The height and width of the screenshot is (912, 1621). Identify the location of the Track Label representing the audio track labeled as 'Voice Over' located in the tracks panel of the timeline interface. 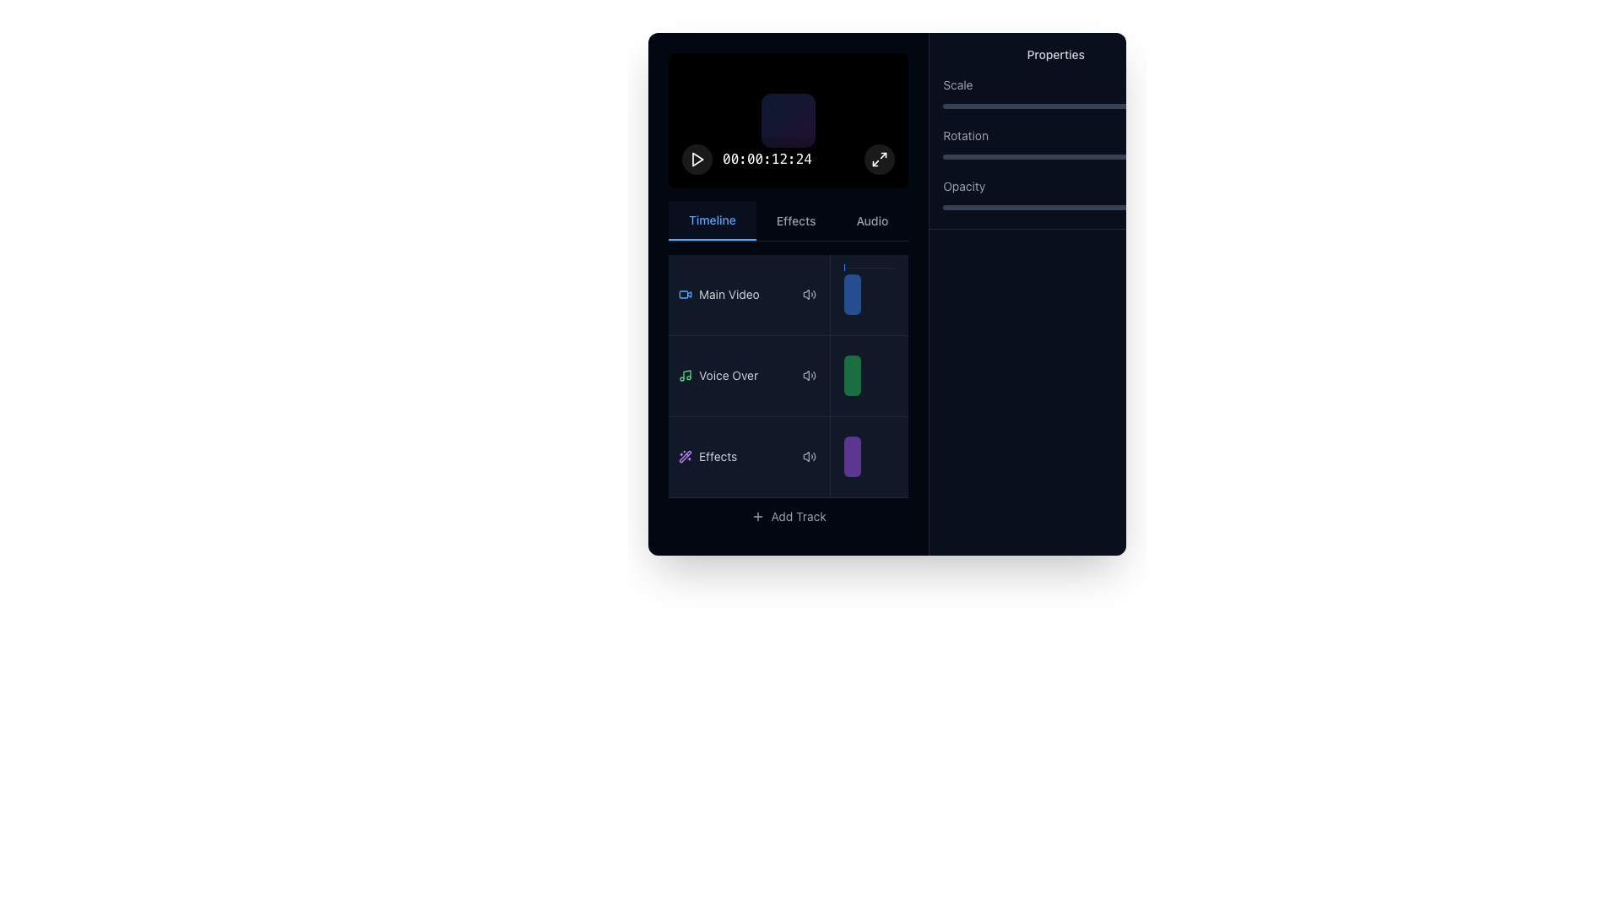
(718, 375).